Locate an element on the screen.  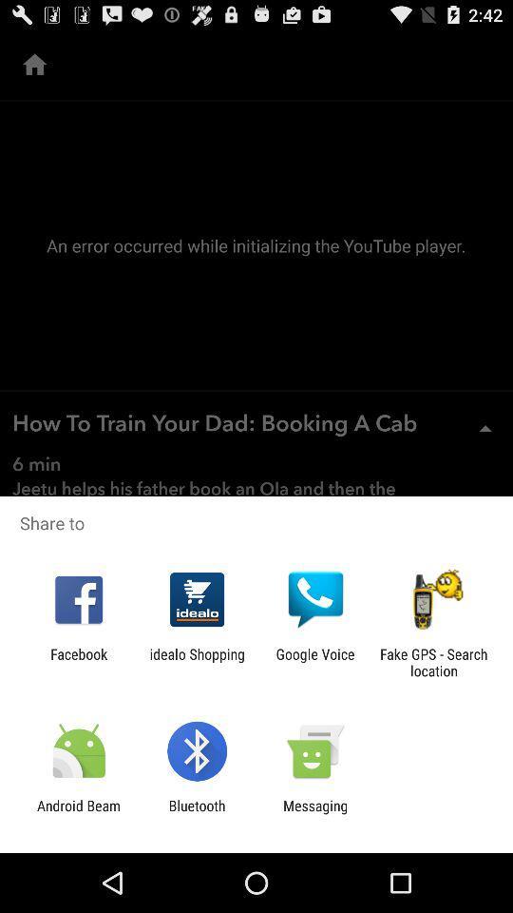
app next to idealo shopping item is located at coordinates (315, 662).